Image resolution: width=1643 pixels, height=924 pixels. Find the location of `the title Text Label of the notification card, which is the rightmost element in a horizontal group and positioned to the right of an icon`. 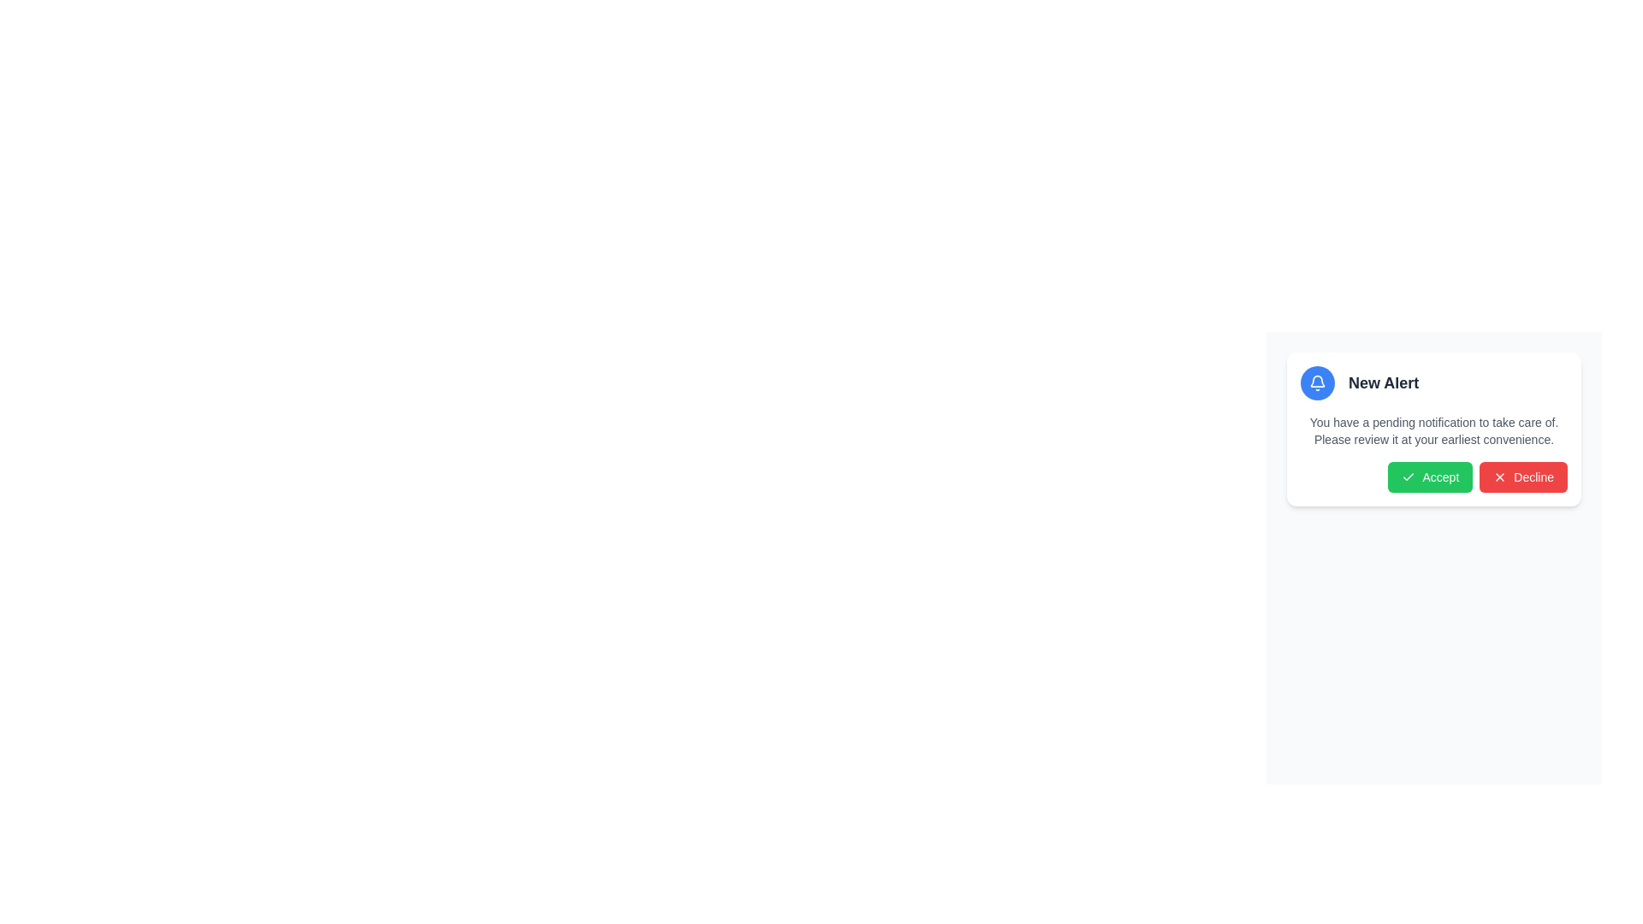

the title Text Label of the notification card, which is the rightmost element in a horizontal group and positioned to the right of an icon is located at coordinates (1384, 382).